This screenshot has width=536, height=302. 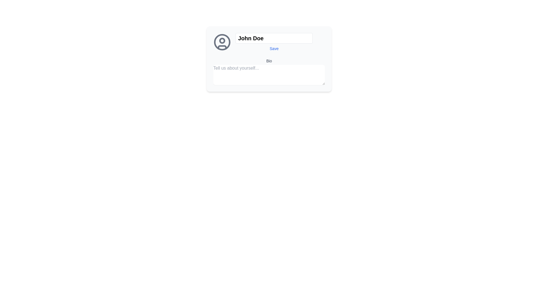 I want to click on the 'Bio' label, which is a gray text label aligned to the left and positioned directly above the multiline text input box, so click(x=269, y=61).